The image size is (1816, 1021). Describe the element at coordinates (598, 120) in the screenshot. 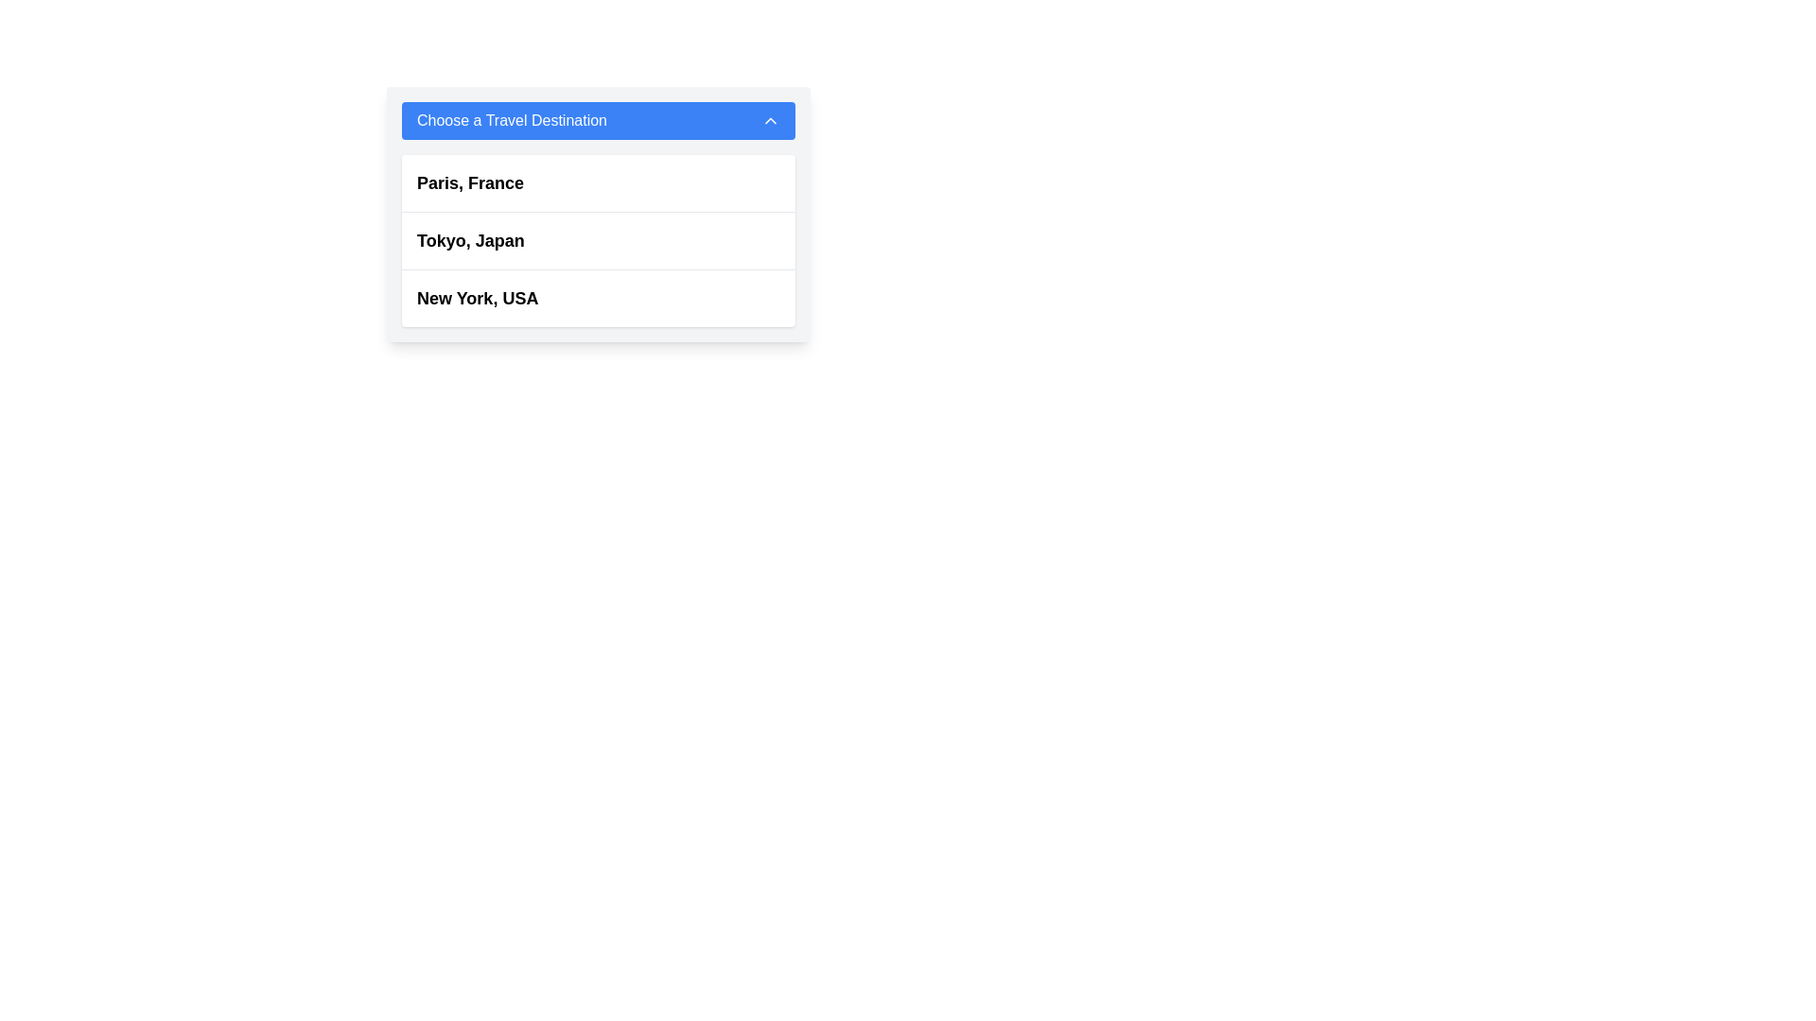

I see `the dropdown button labeled 'Choose a Travel Destination' with a blue background` at that location.